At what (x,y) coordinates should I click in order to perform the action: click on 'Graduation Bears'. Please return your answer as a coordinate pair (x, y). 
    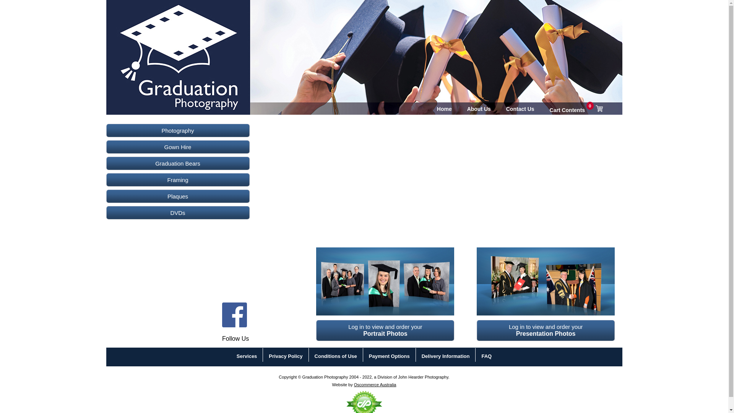
    Looking at the image, I should click on (177, 163).